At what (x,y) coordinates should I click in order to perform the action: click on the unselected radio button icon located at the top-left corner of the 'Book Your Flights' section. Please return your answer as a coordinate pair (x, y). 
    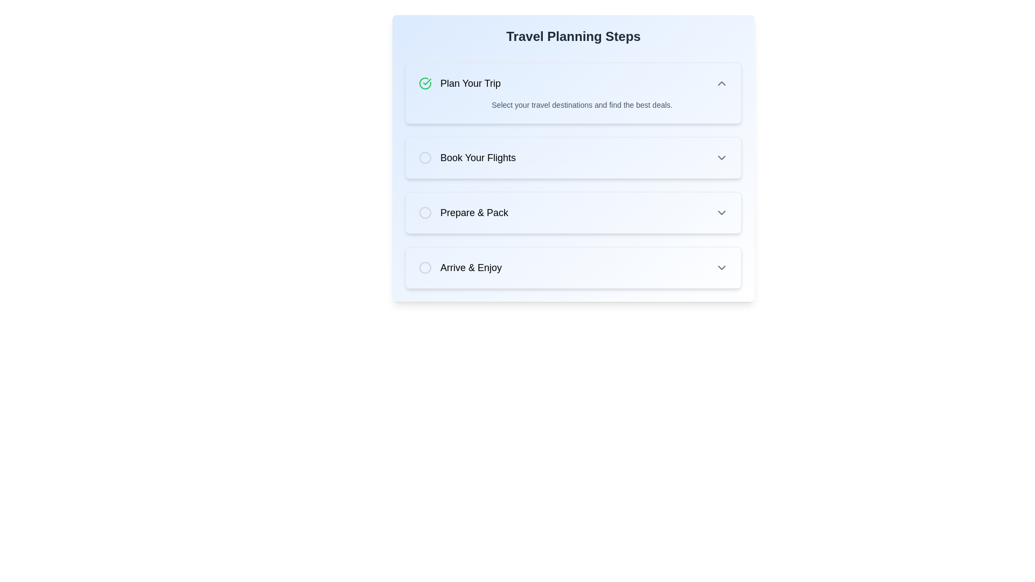
    Looking at the image, I should click on (424, 158).